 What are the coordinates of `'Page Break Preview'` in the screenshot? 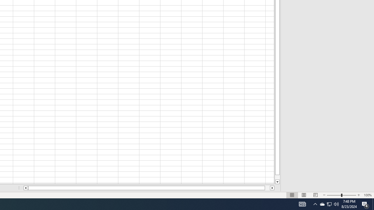 It's located at (315, 195).